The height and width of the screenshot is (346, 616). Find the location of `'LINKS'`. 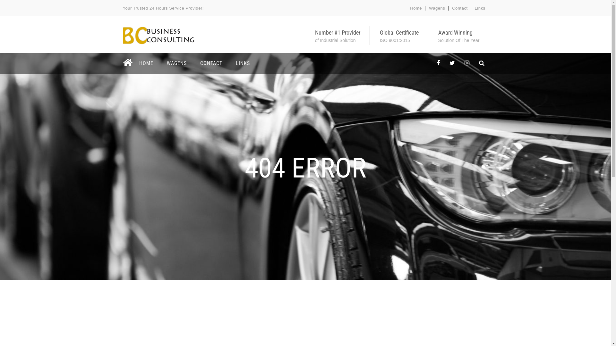

'LINKS' is located at coordinates (243, 63).